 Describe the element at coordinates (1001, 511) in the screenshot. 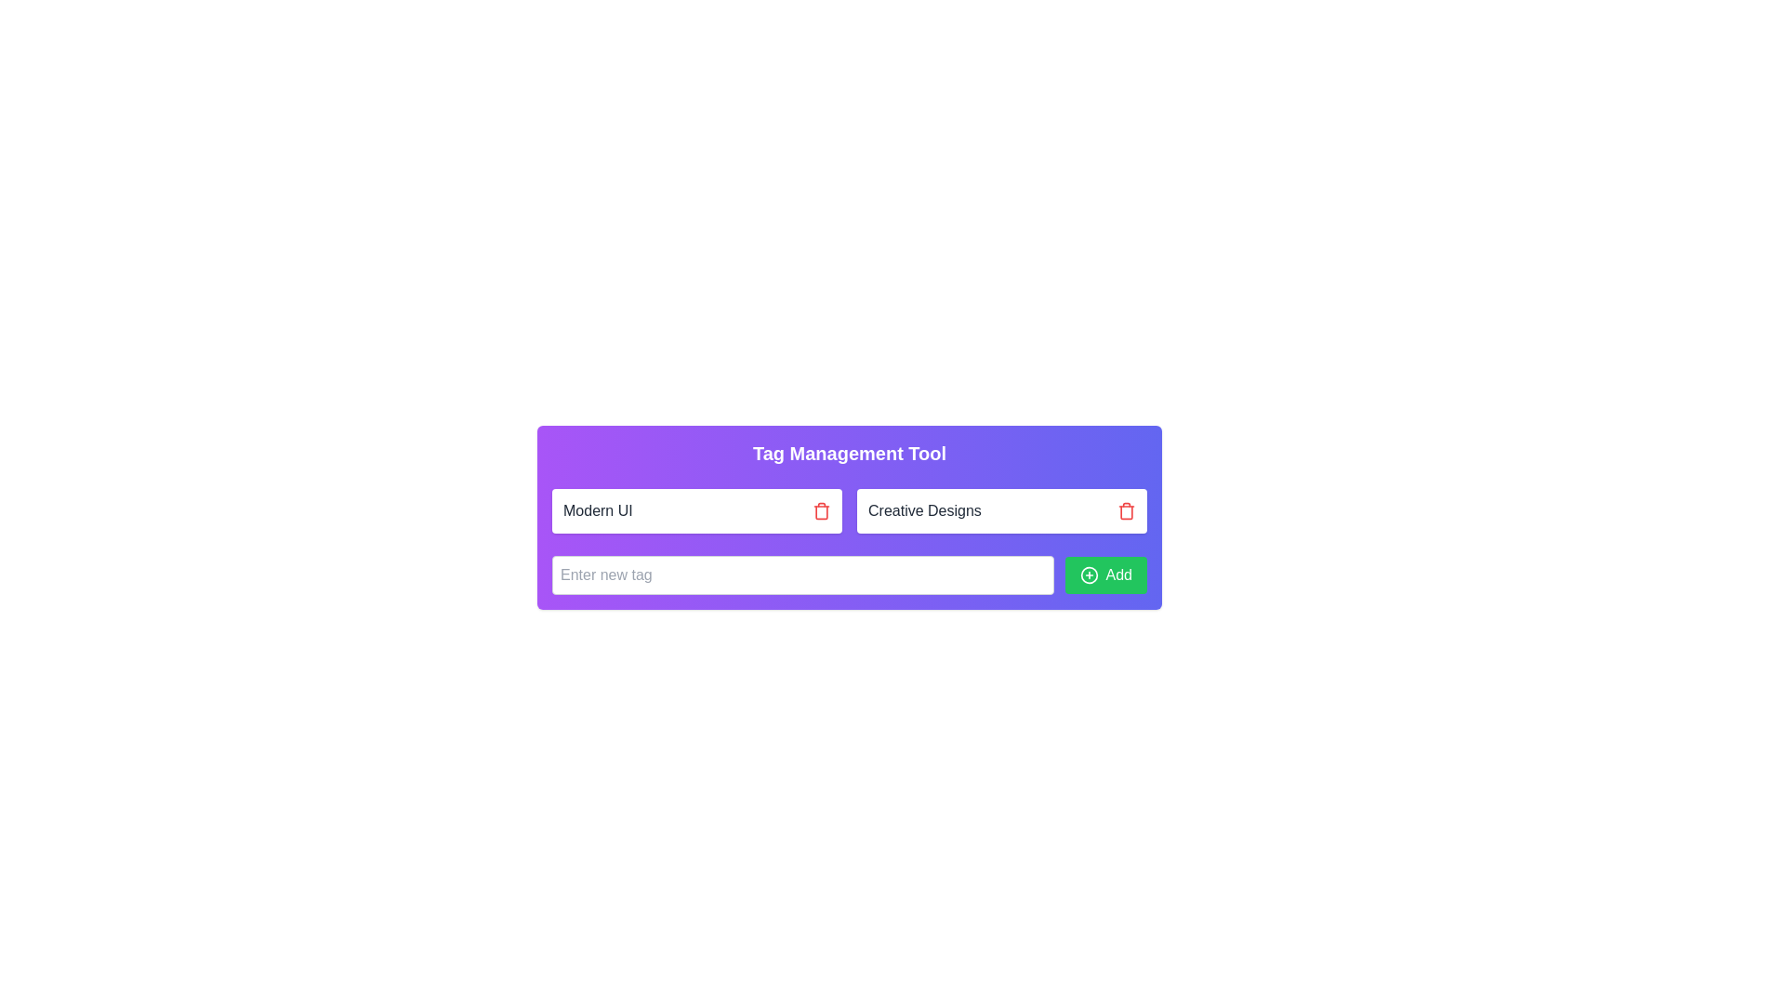

I see `the 'Creative Designs' tag with delete button` at that location.